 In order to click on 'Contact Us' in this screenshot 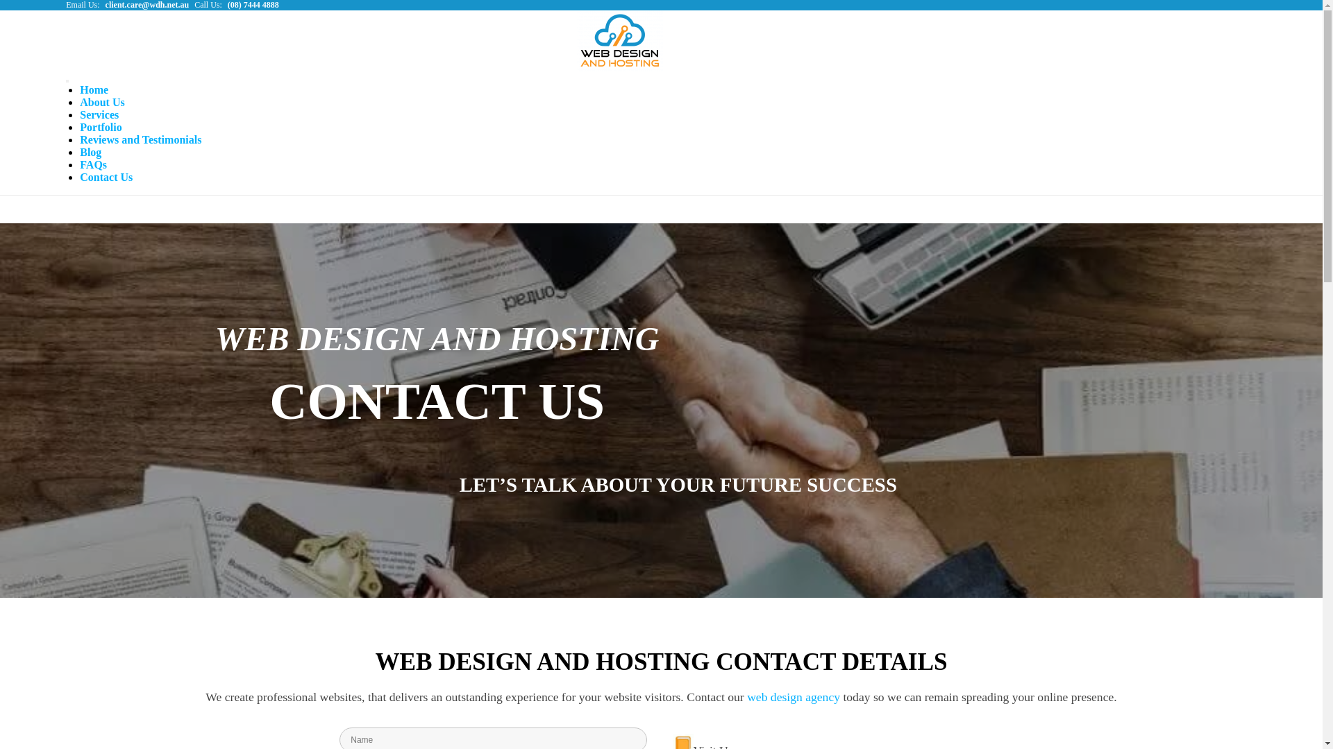, I will do `click(106, 176)`.